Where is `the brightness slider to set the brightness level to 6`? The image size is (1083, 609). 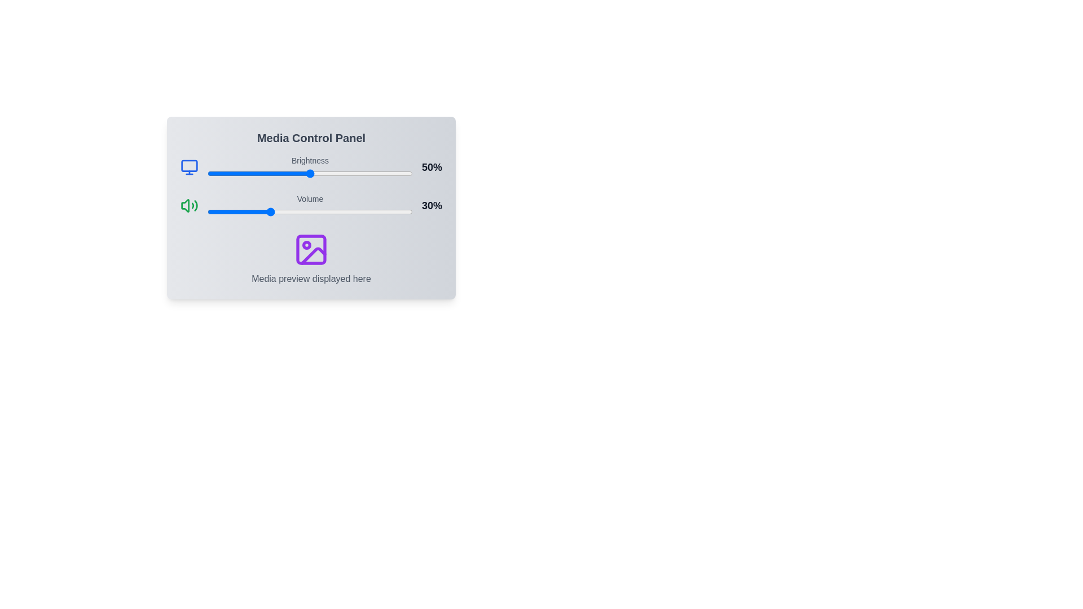 the brightness slider to set the brightness level to 6 is located at coordinates (219, 174).